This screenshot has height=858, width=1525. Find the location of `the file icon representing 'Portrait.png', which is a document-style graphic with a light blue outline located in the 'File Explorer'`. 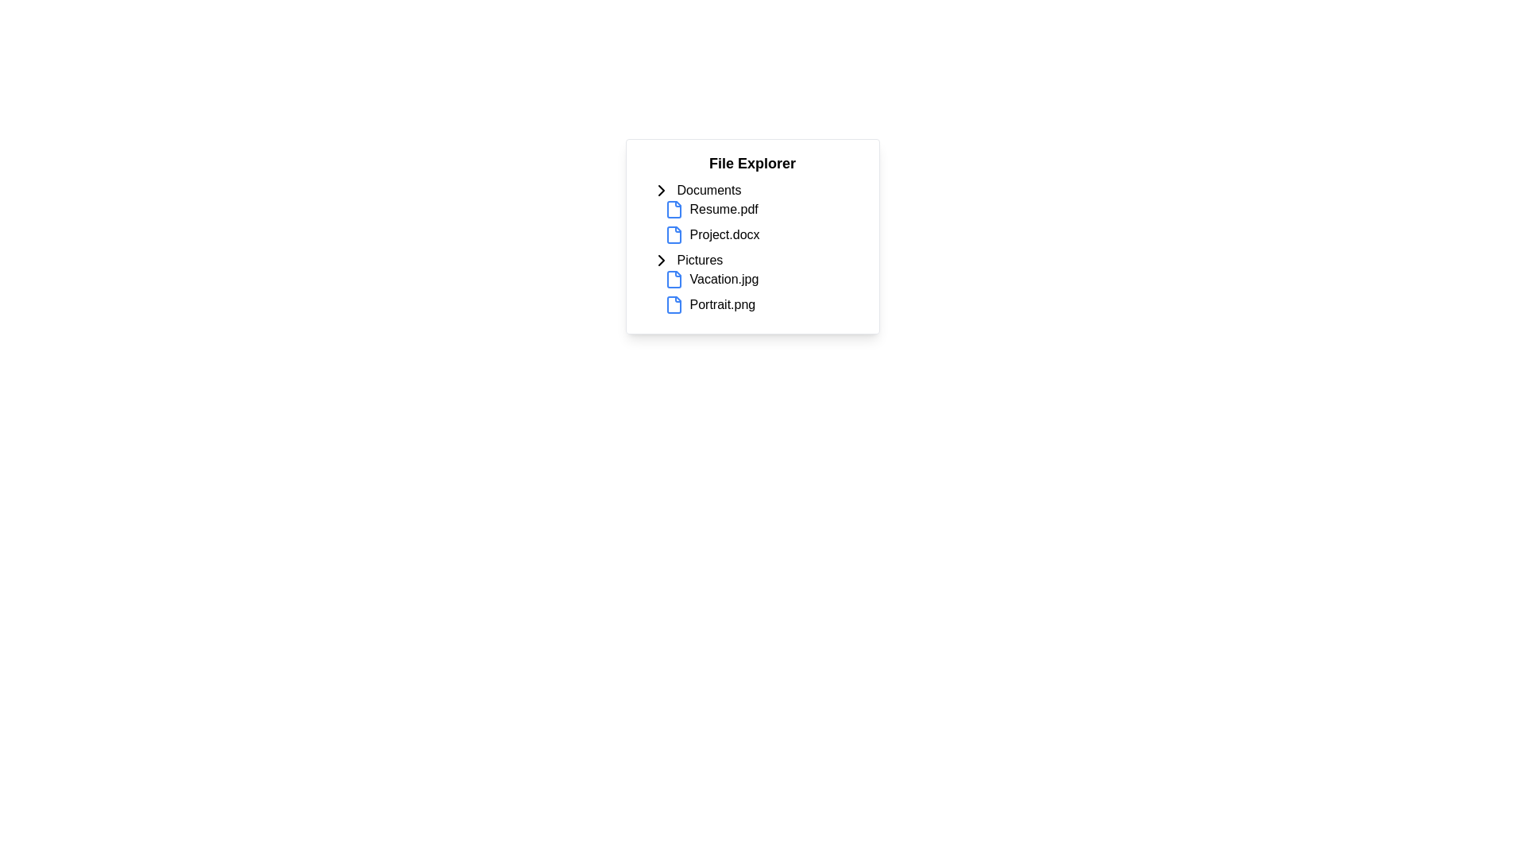

the file icon representing 'Portrait.png', which is a document-style graphic with a light blue outline located in the 'File Explorer' is located at coordinates (674, 305).